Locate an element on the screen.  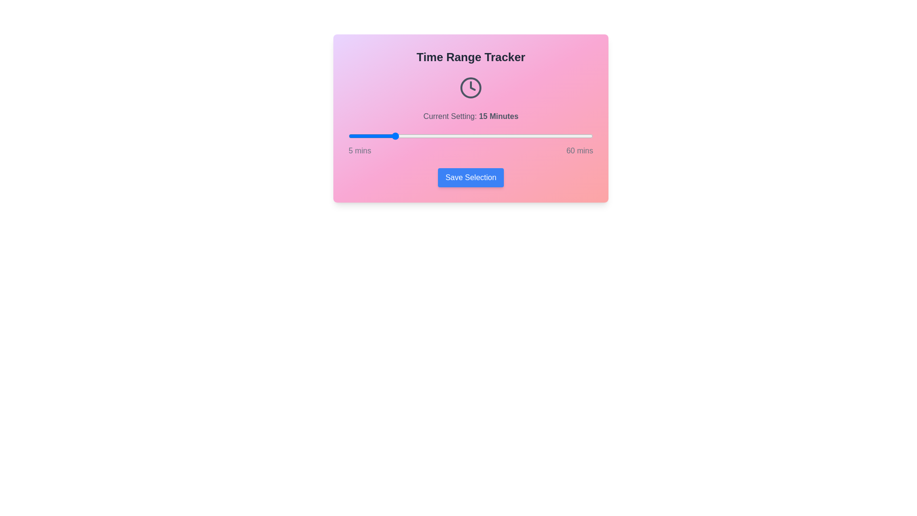
the time range slider to 55 minutes is located at coordinates (571, 136).